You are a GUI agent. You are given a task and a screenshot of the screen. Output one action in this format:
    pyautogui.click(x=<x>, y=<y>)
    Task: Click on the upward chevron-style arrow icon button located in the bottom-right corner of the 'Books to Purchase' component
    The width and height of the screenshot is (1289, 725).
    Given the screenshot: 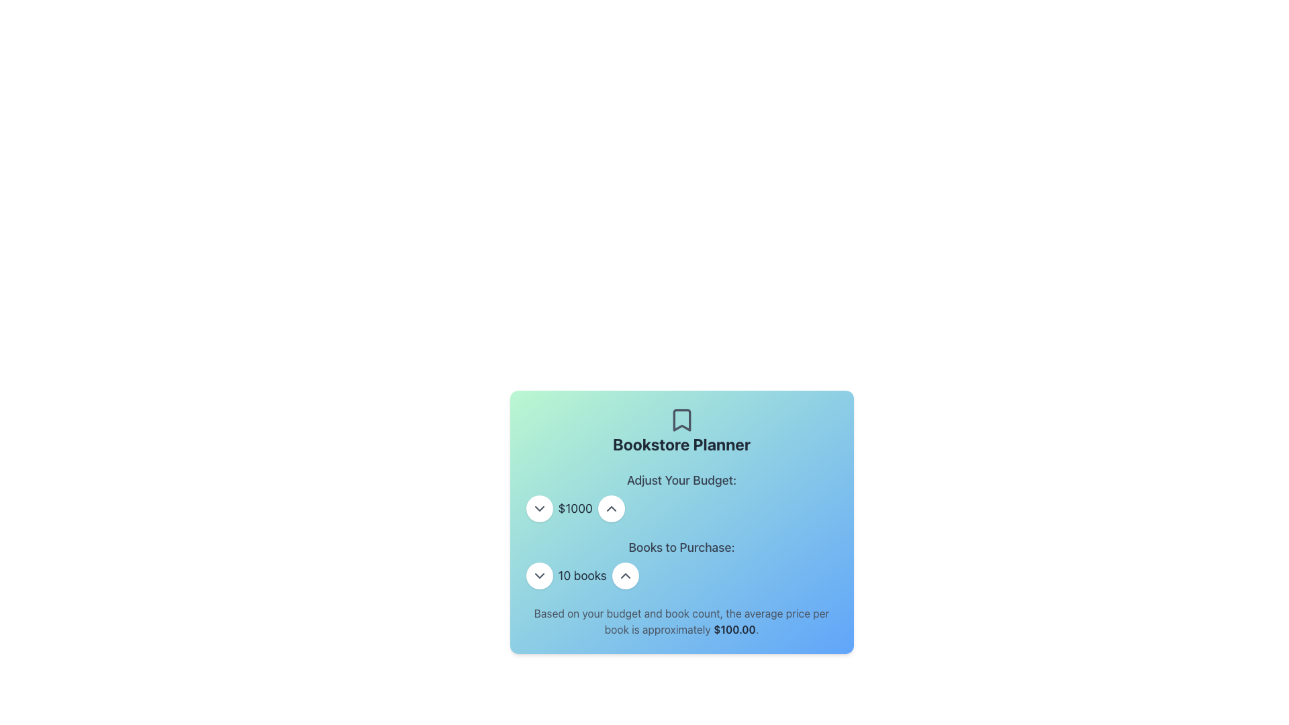 What is the action you would take?
    pyautogui.click(x=610, y=509)
    